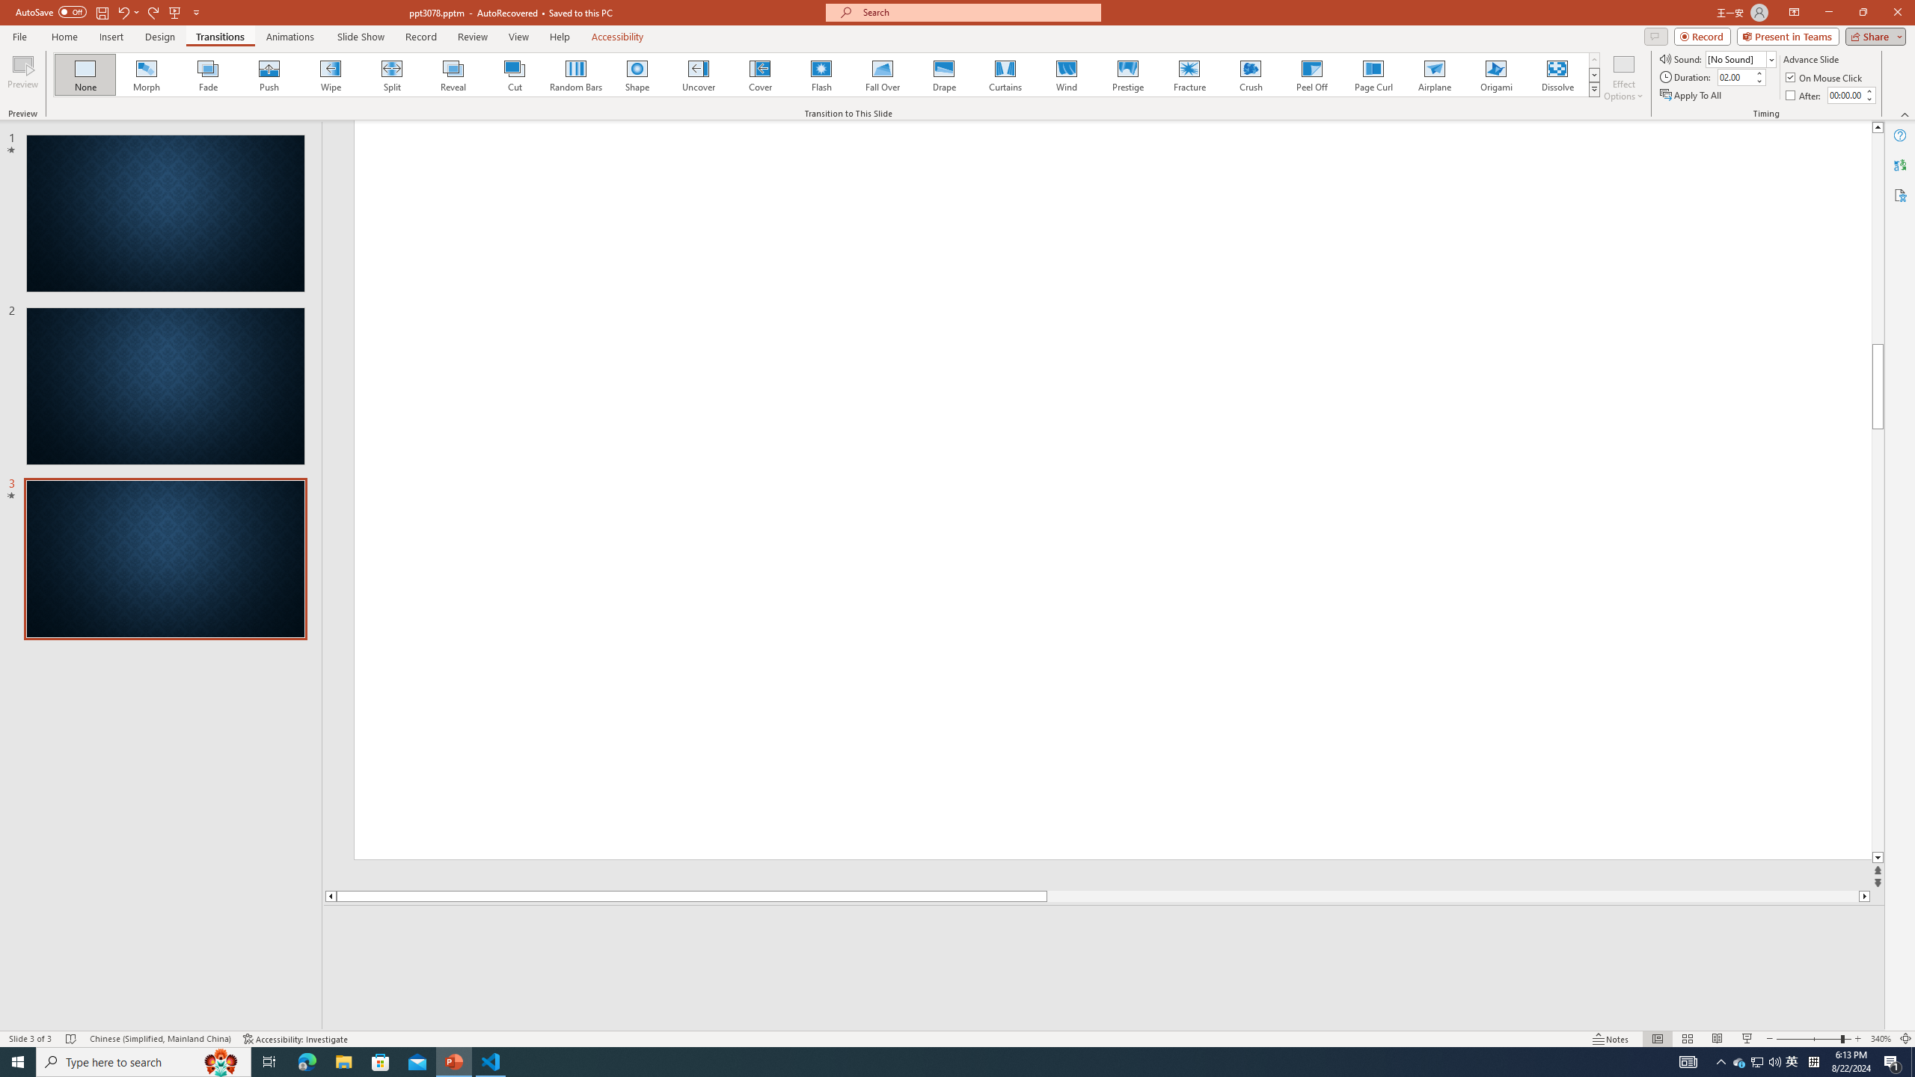 The image size is (1915, 1077). I want to click on 'Flash', so click(821, 74).